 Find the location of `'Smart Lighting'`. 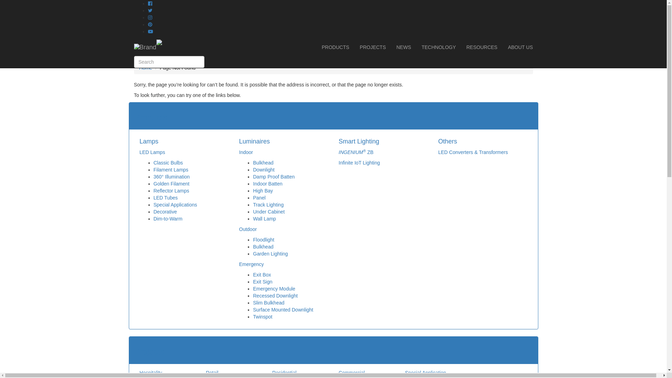

'Smart Lighting' is located at coordinates (339, 141).